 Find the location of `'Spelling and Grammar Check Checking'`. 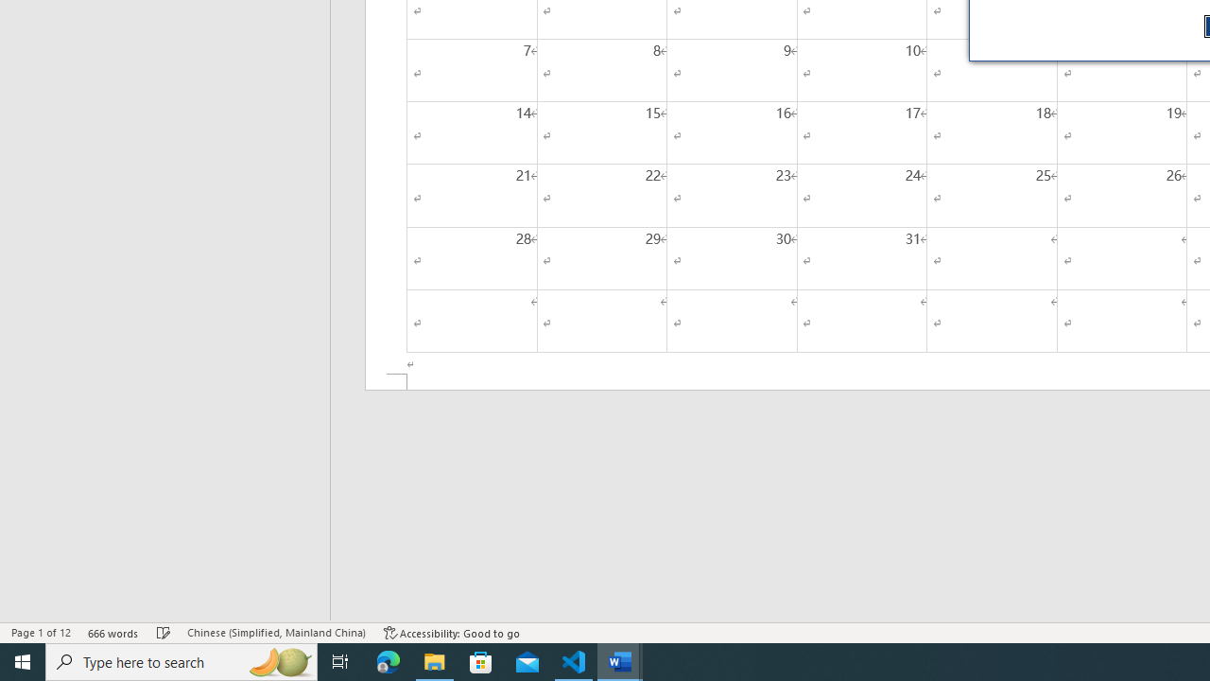

'Spelling and Grammar Check Checking' is located at coordinates (164, 633).